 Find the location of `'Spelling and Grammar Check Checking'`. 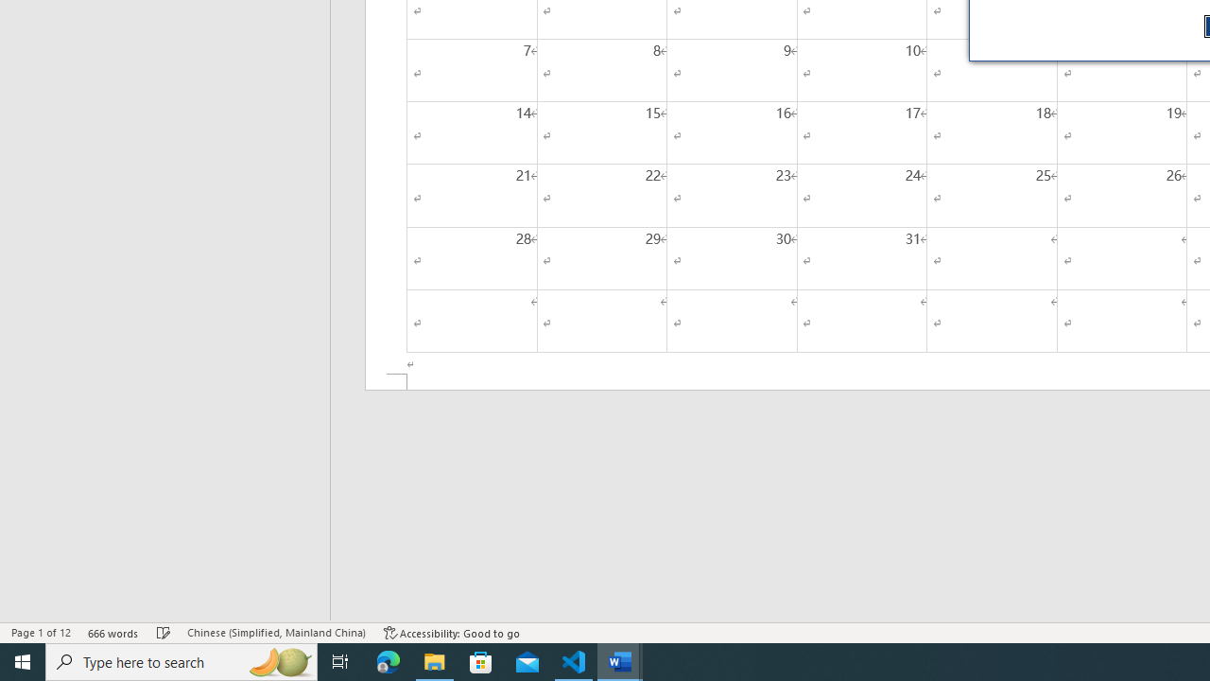

'Spelling and Grammar Check Checking' is located at coordinates (164, 633).